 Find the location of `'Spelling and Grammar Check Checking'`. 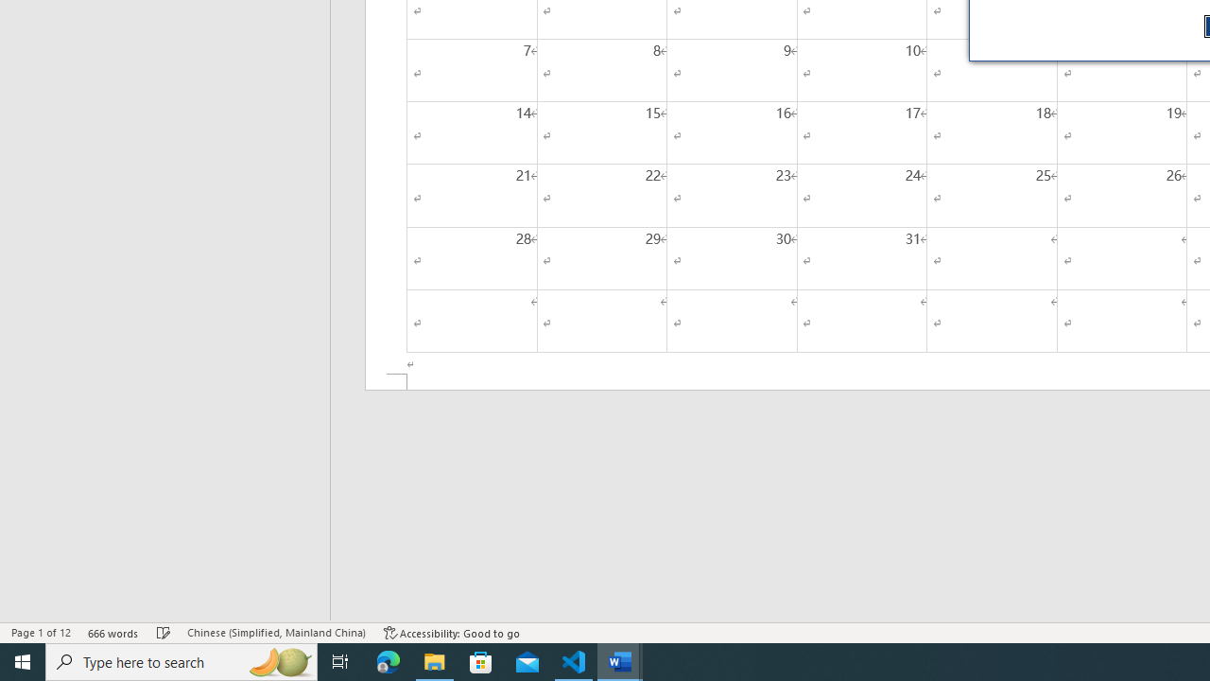

'Spelling and Grammar Check Checking' is located at coordinates (164, 633).